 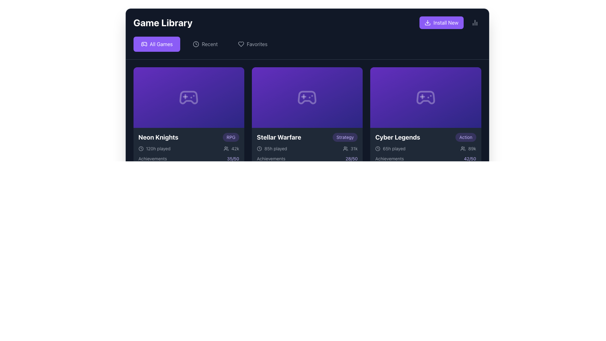 What do you see at coordinates (463, 148) in the screenshot?
I see `the user group icon located to the left of the text '89k' within the 'Cyber Legends' card` at bounding box center [463, 148].